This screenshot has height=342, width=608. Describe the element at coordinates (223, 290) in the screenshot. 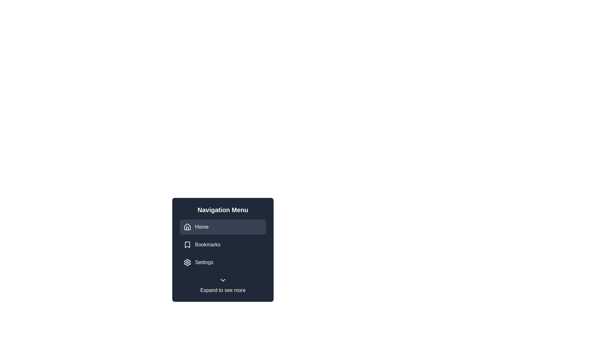

I see `the static text label displaying 'Expand` at that location.